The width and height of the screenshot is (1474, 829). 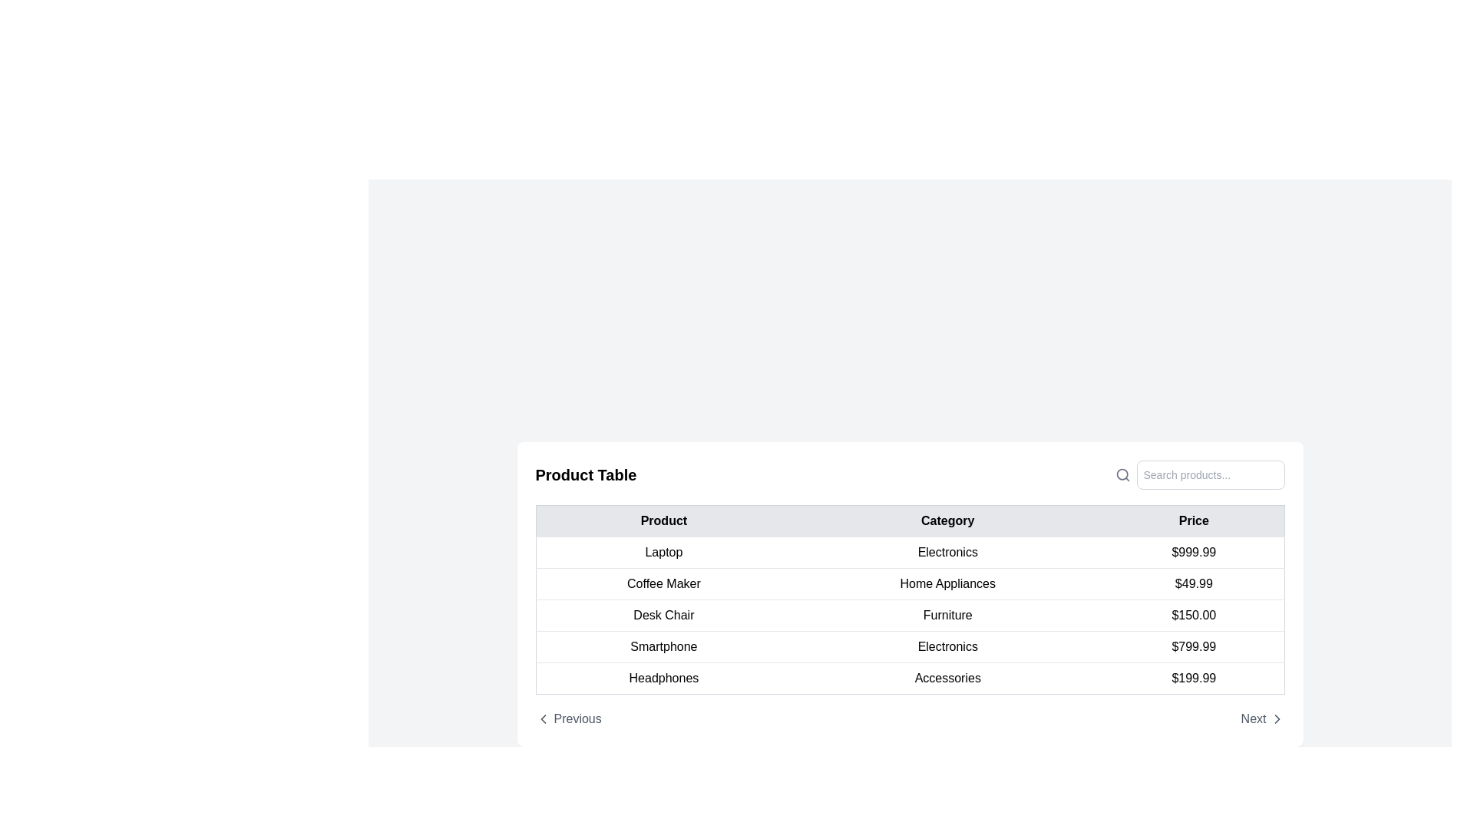 What do you see at coordinates (663, 614) in the screenshot?
I see `the Text label for 'Desk Chair' in the 'Product' column` at bounding box center [663, 614].